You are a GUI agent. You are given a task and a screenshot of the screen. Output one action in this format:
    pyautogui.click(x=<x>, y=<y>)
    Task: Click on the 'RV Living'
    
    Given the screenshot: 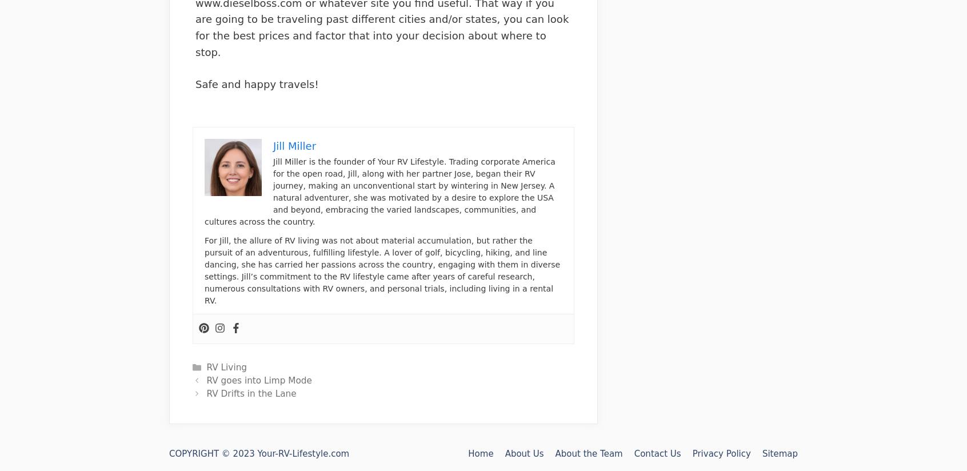 What is the action you would take?
    pyautogui.click(x=206, y=366)
    